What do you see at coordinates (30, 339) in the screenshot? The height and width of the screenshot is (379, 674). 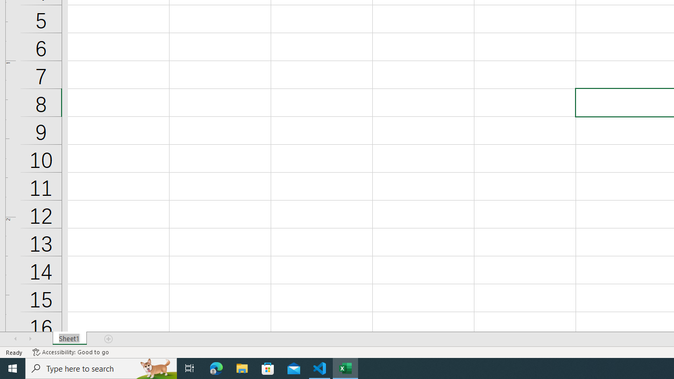 I see `'Scroll Right'` at bounding box center [30, 339].